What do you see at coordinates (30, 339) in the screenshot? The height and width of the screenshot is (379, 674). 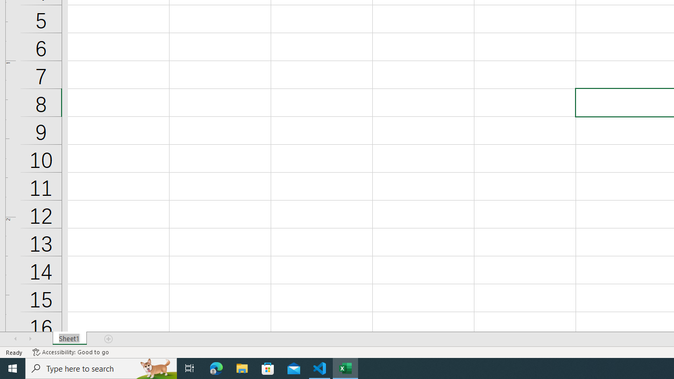 I see `'Scroll Right'` at bounding box center [30, 339].